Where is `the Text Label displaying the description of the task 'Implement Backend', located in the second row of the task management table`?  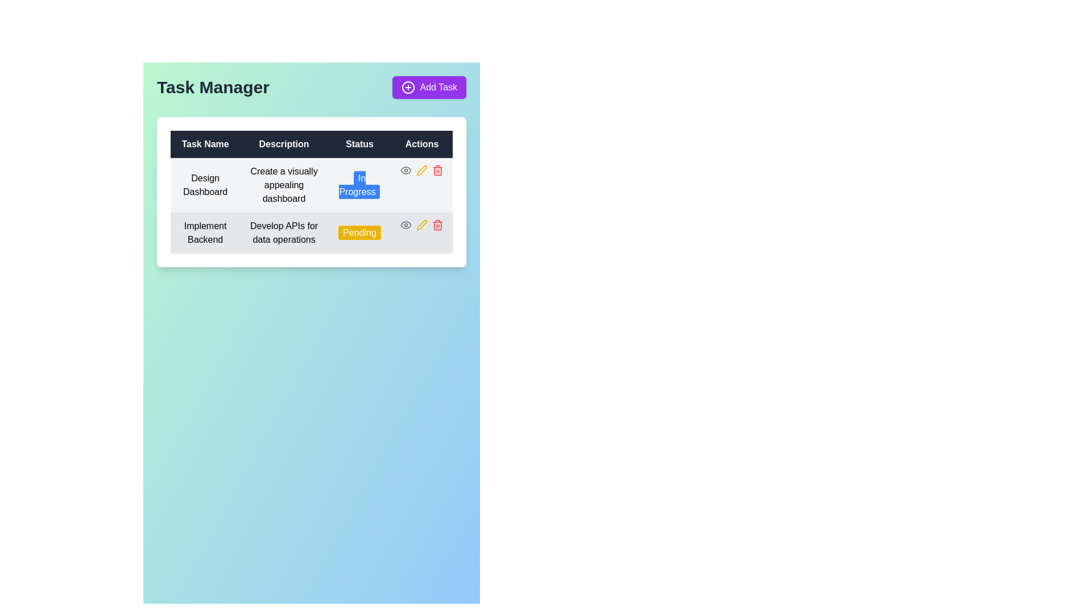 the Text Label displaying the description of the task 'Implement Backend', located in the second row of the task management table is located at coordinates (284, 232).